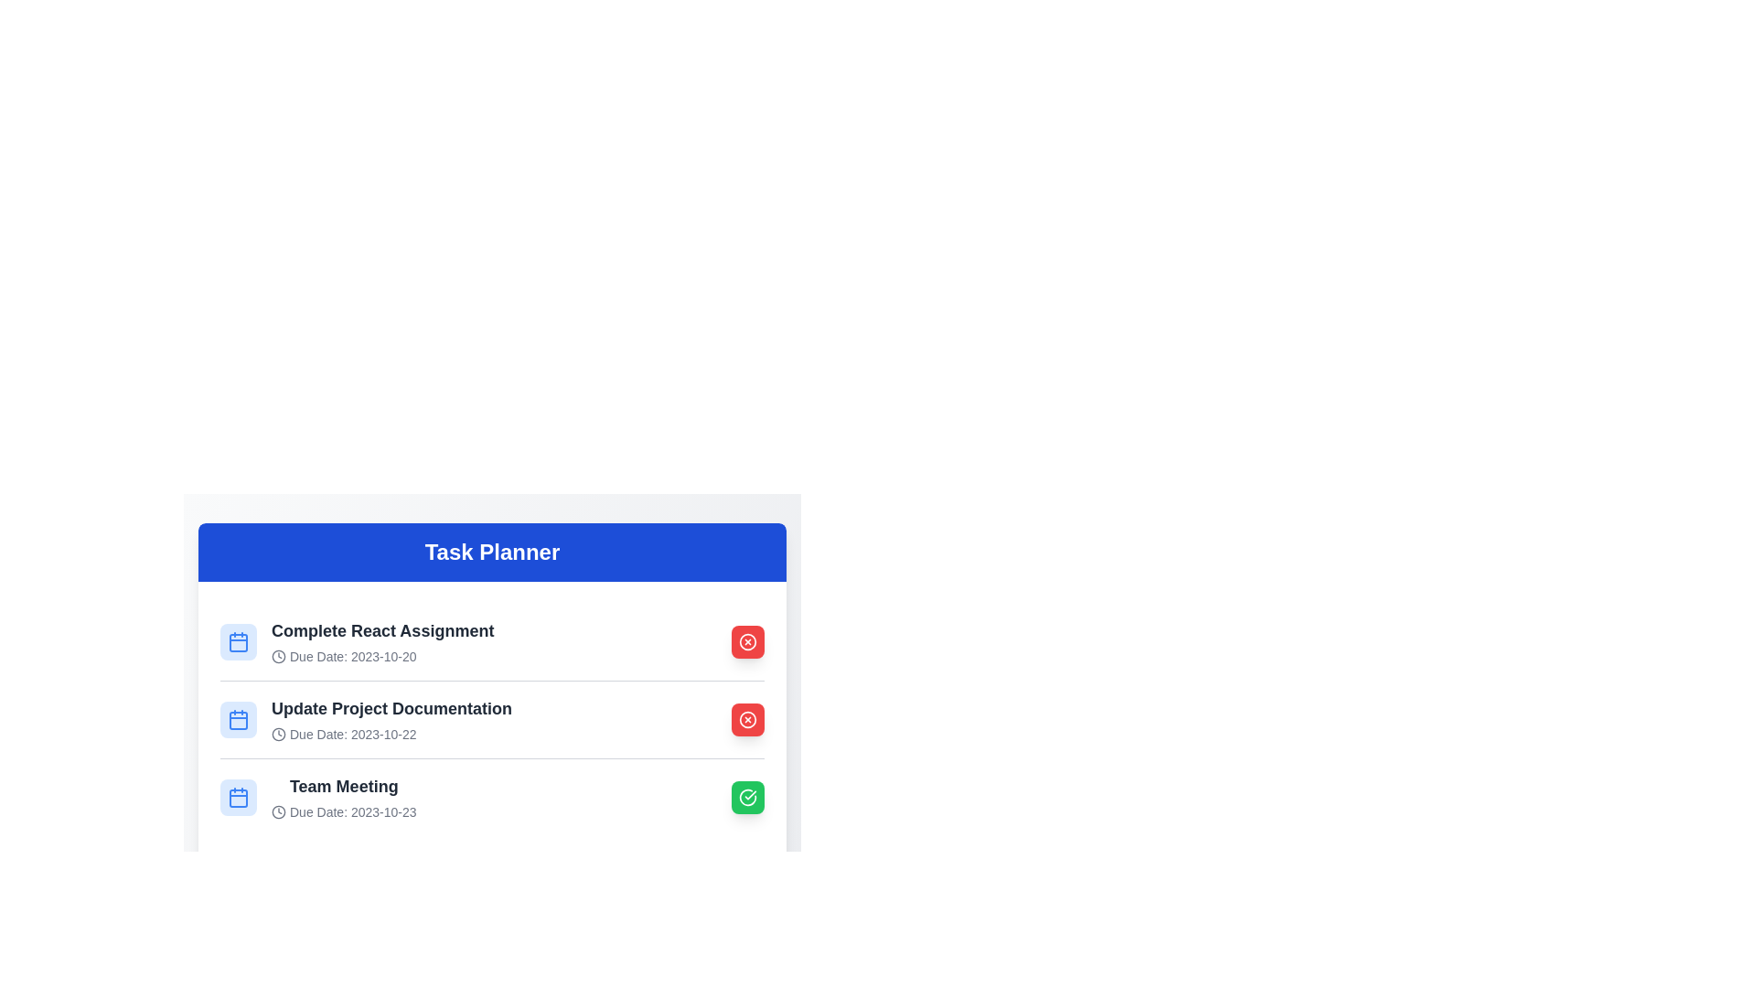 The width and height of the screenshot is (1756, 988). Describe the element at coordinates (344, 796) in the screenshot. I see `text information from the 'Team Meeting' text block, which consists of two lines: 'Team Meeting' in large, bold font and 'Due Date: 2023-10-23' in smaller, lighter font with a clock icon` at that location.